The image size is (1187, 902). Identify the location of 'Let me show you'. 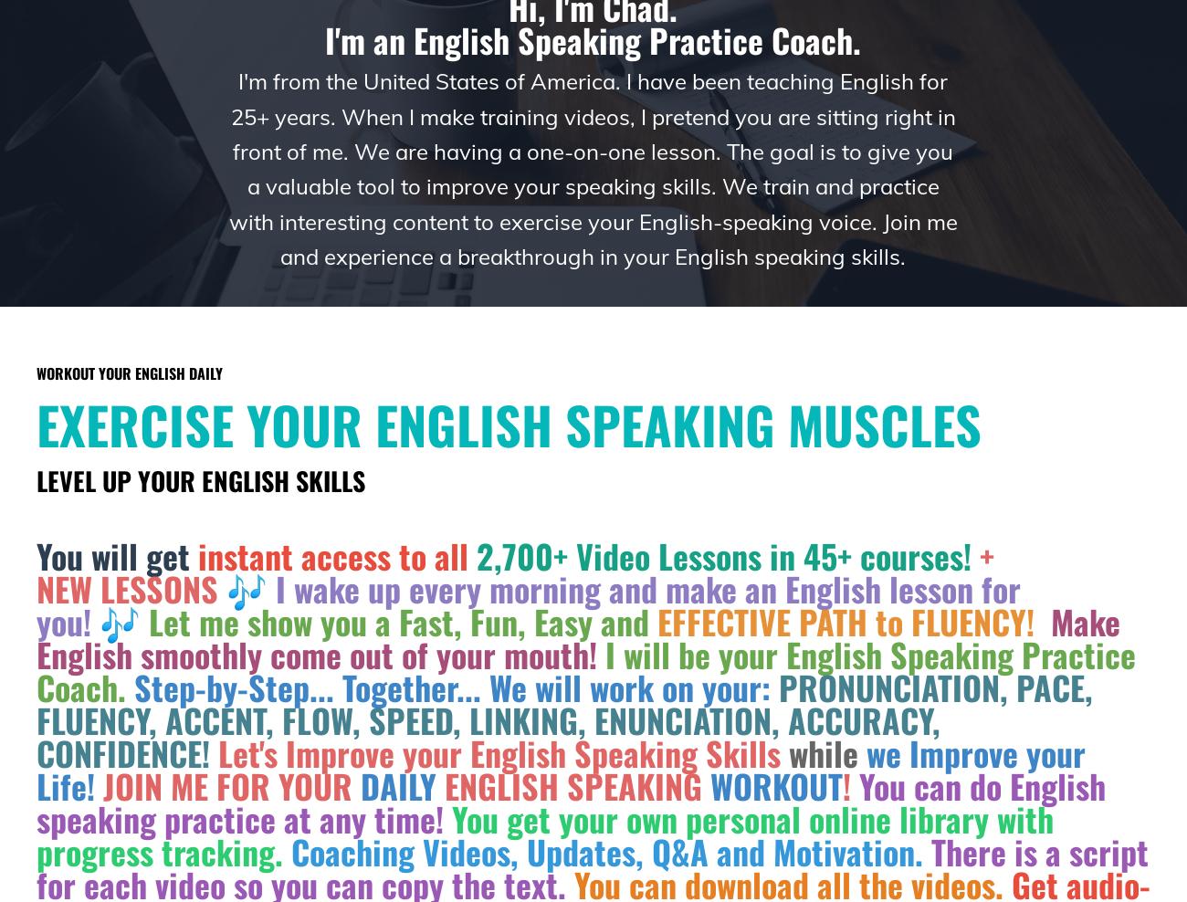
(262, 621).